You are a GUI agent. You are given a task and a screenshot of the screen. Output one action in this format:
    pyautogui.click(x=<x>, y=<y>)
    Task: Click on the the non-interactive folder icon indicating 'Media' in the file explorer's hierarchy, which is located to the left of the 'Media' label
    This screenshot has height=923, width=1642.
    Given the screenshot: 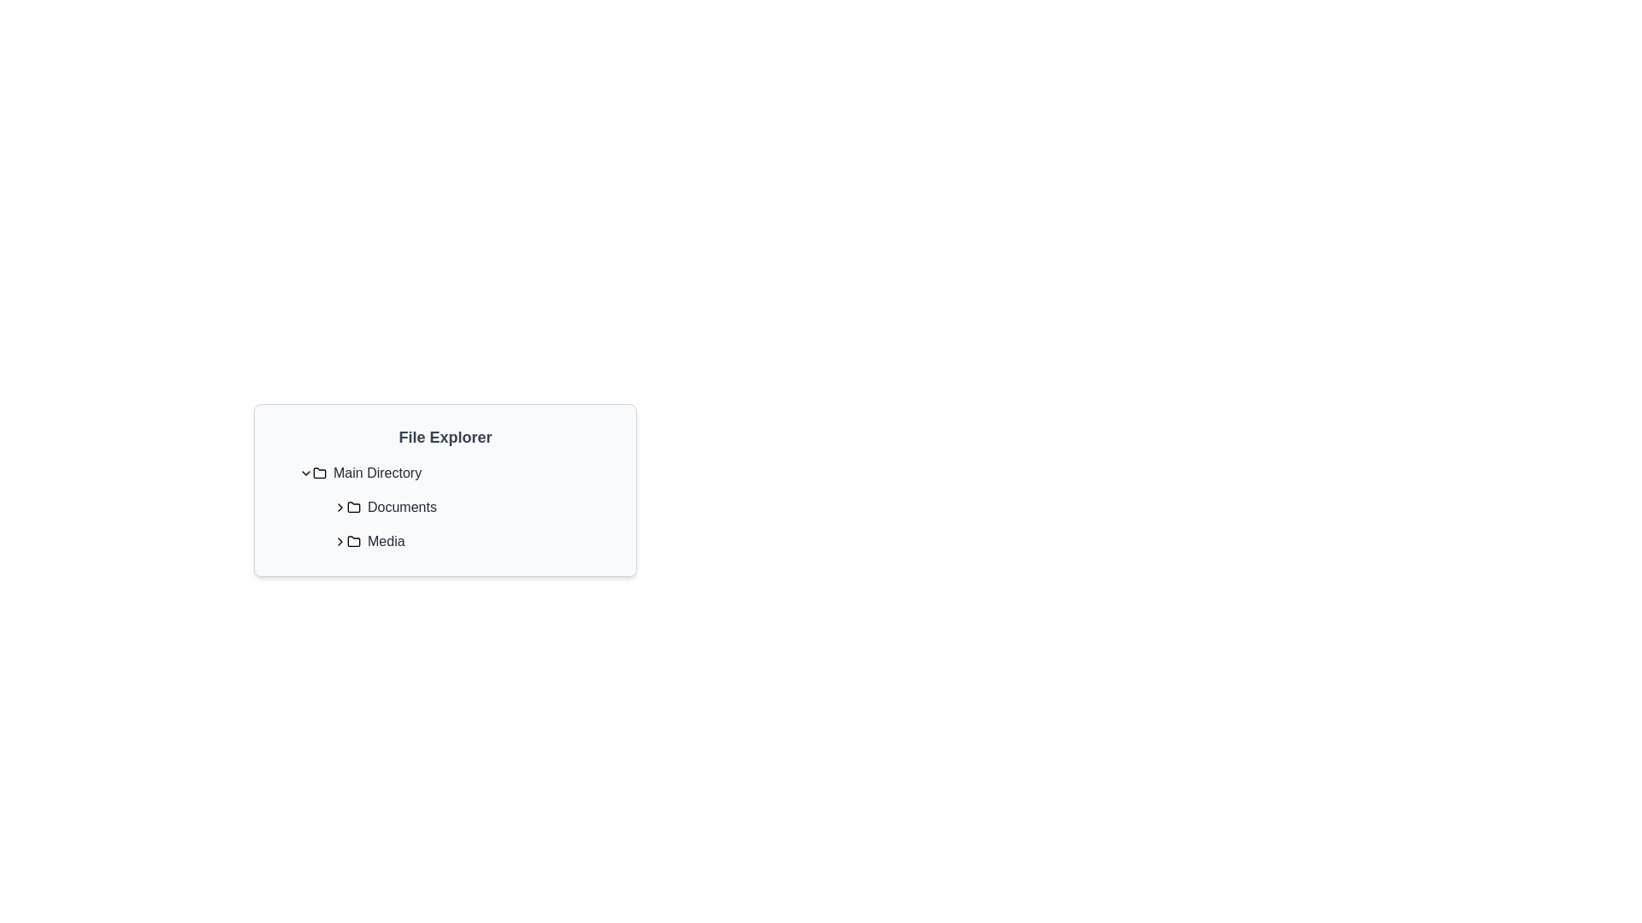 What is the action you would take?
    pyautogui.click(x=352, y=541)
    